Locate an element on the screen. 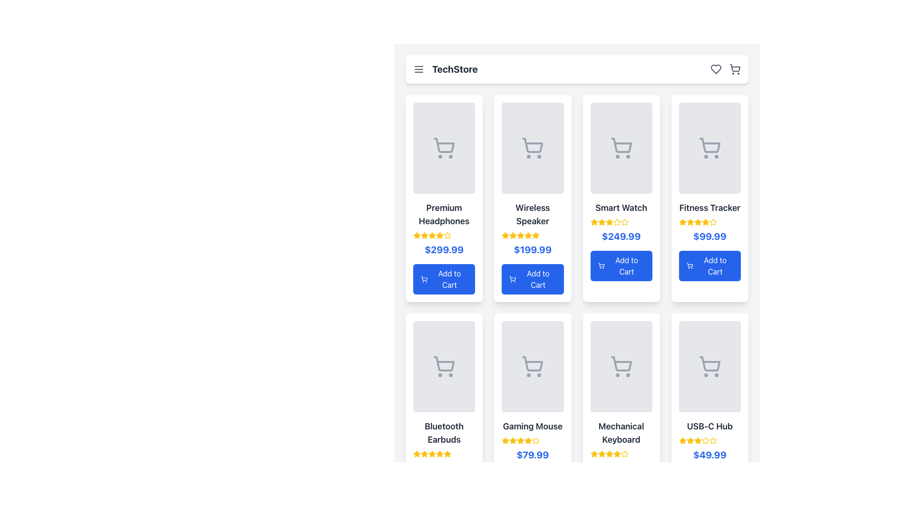  the third star icon in the rating component of the 'Smart Watch' product card is located at coordinates (609, 222).